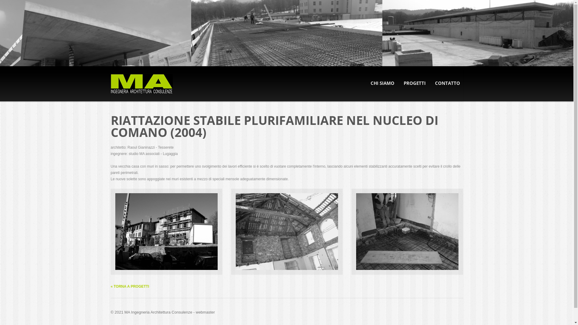  Describe the element at coordinates (447, 83) in the screenshot. I see `'CONTATTO` at that location.